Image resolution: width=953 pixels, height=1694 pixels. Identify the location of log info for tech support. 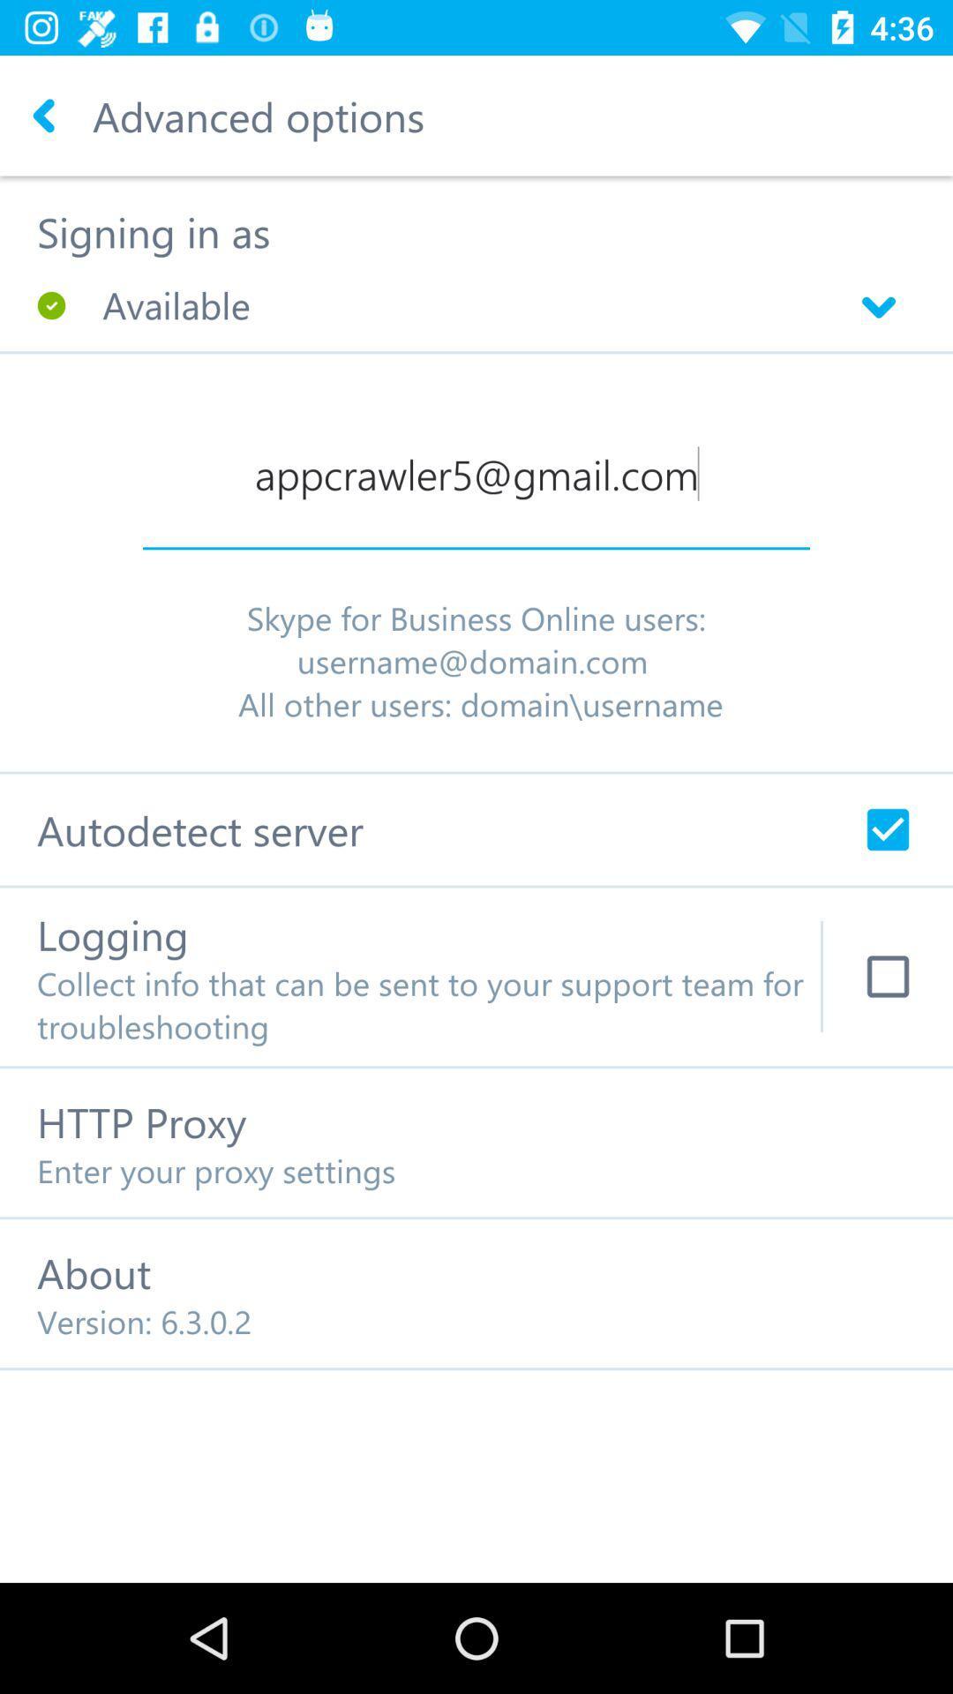
(888, 976).